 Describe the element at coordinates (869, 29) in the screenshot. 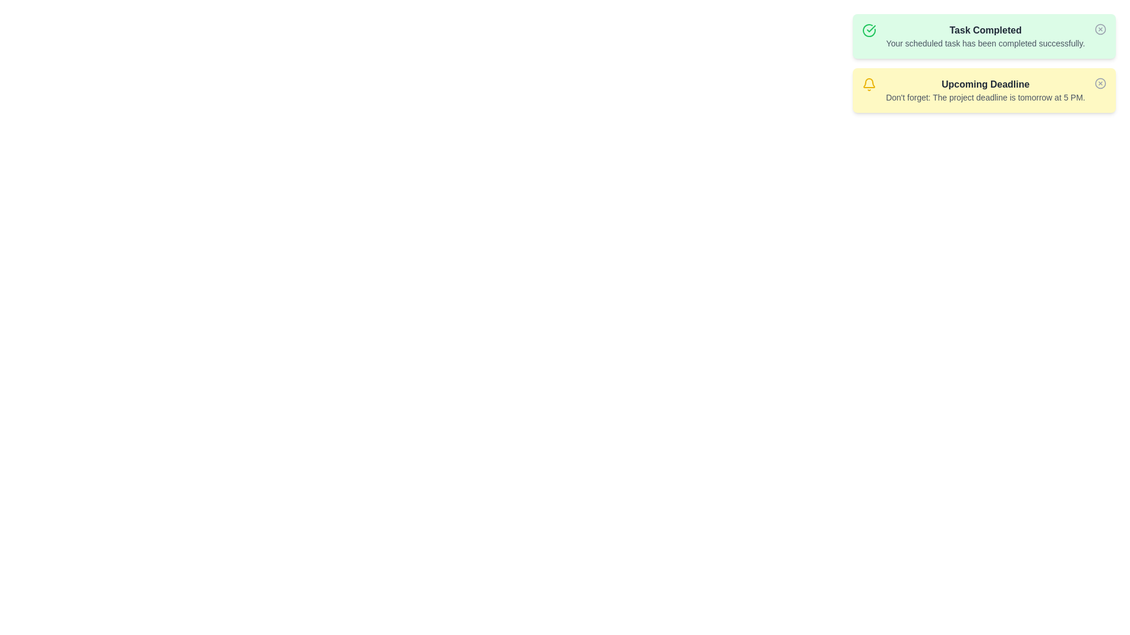

I see `the alert icon to observe its state` at that location.